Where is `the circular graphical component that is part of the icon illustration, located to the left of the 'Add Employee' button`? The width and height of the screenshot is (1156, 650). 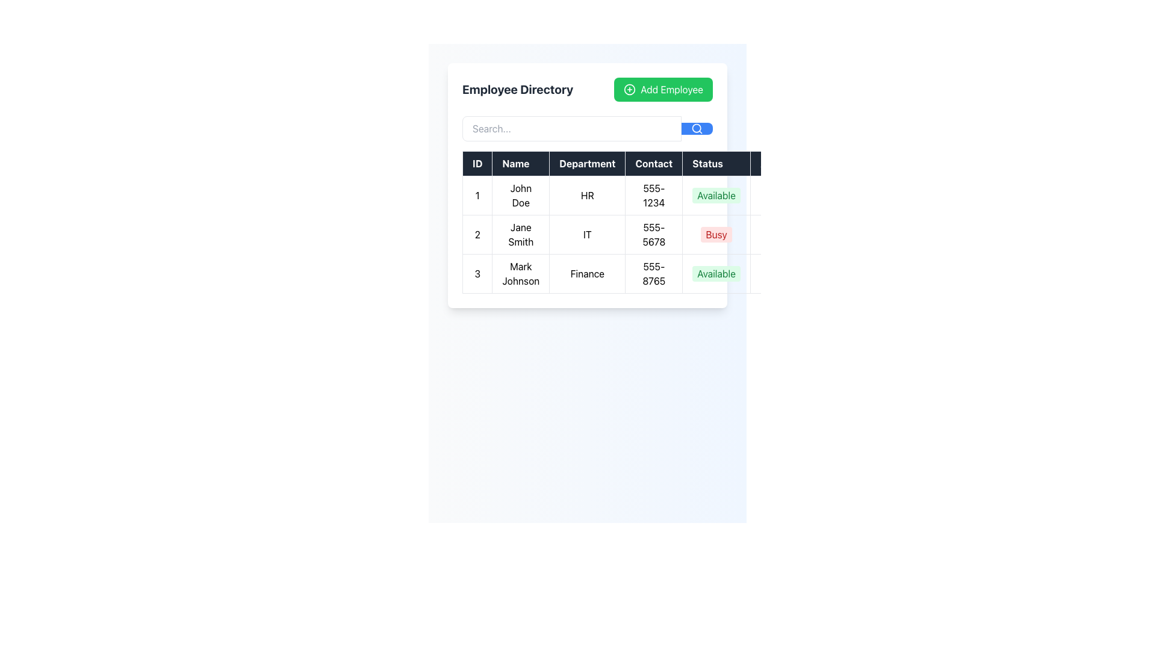 the circular graphical component that is part of the icon illustration, located to the left of the 'Add Employee' button is located at coordinates (629, 89).